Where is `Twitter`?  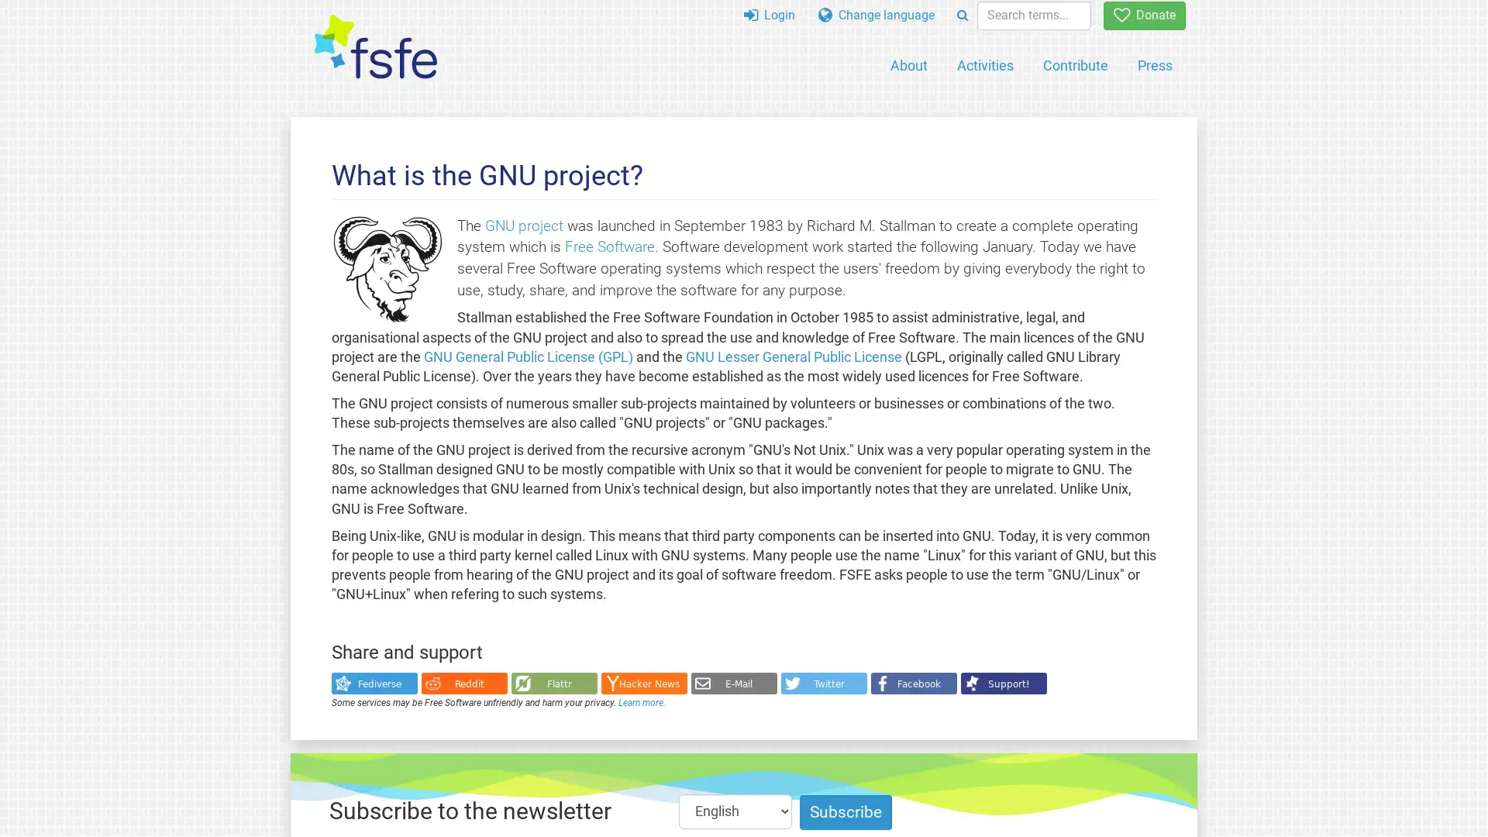 Twitter is located at coordinates (822, 683).